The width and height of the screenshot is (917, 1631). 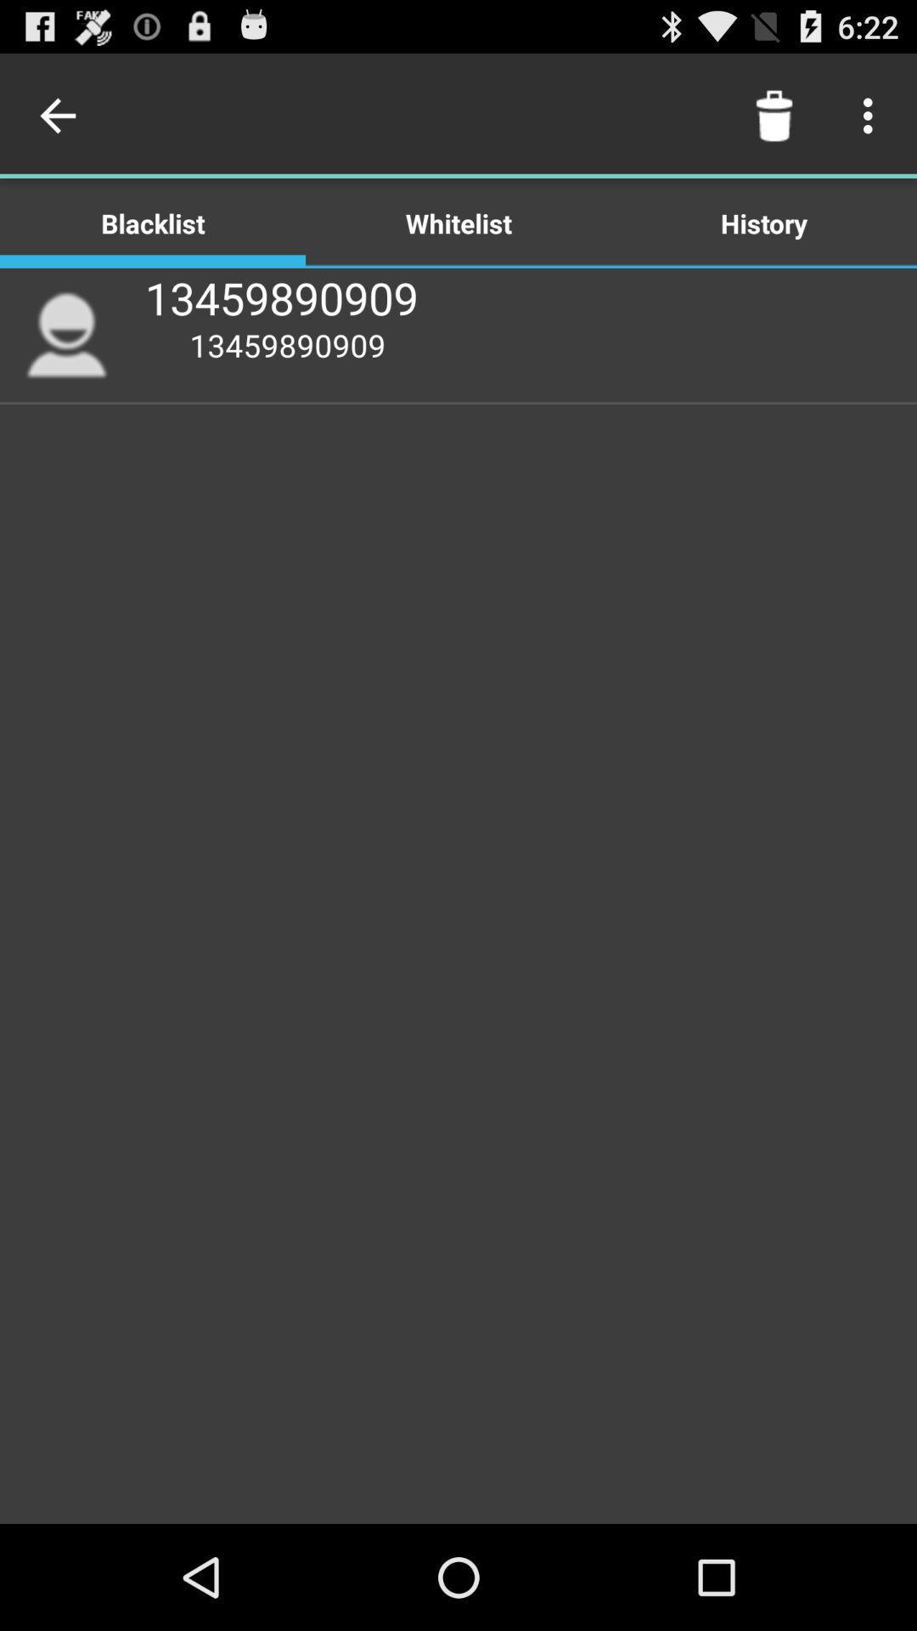 I want to click on icon next to the whitelist, so click(x=762, y=222).